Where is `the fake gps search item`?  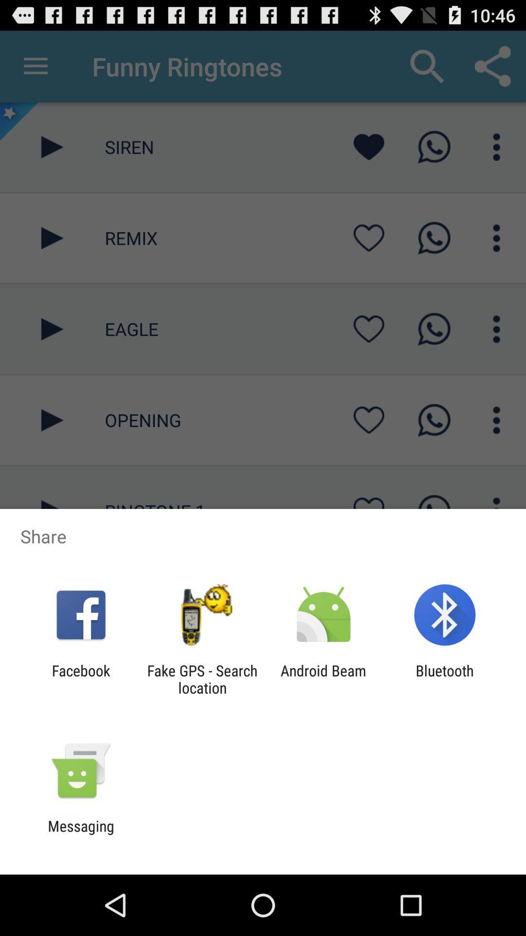
the fake gps search item is located at coordinates (202, 679).